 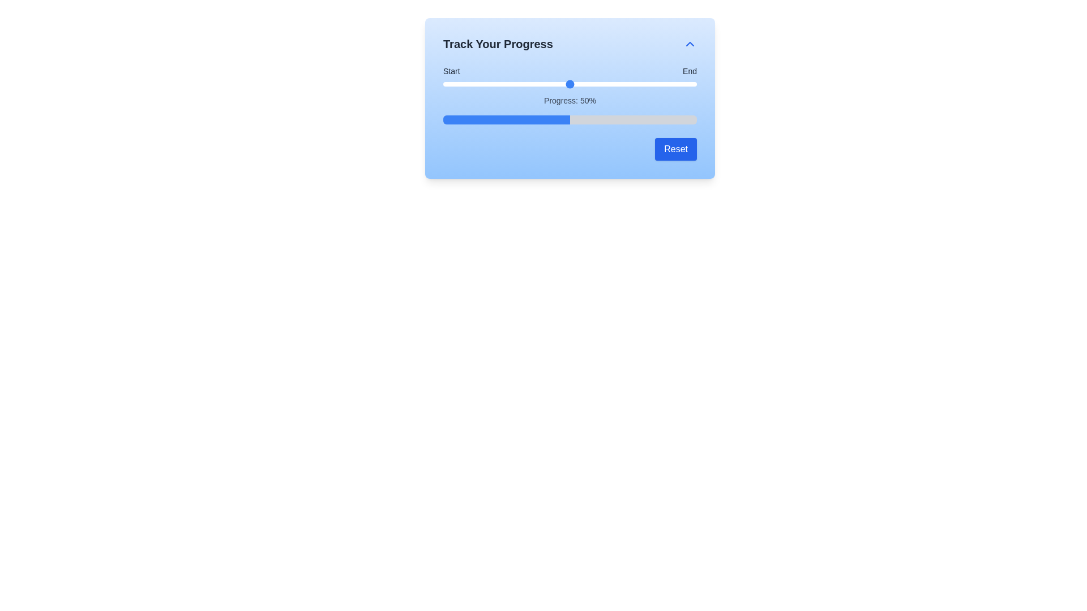 What do you see at coordinates (664, 84) in the screenshot?
I see `the slider to set the progress to 87%` at bounding box center [664, 84].